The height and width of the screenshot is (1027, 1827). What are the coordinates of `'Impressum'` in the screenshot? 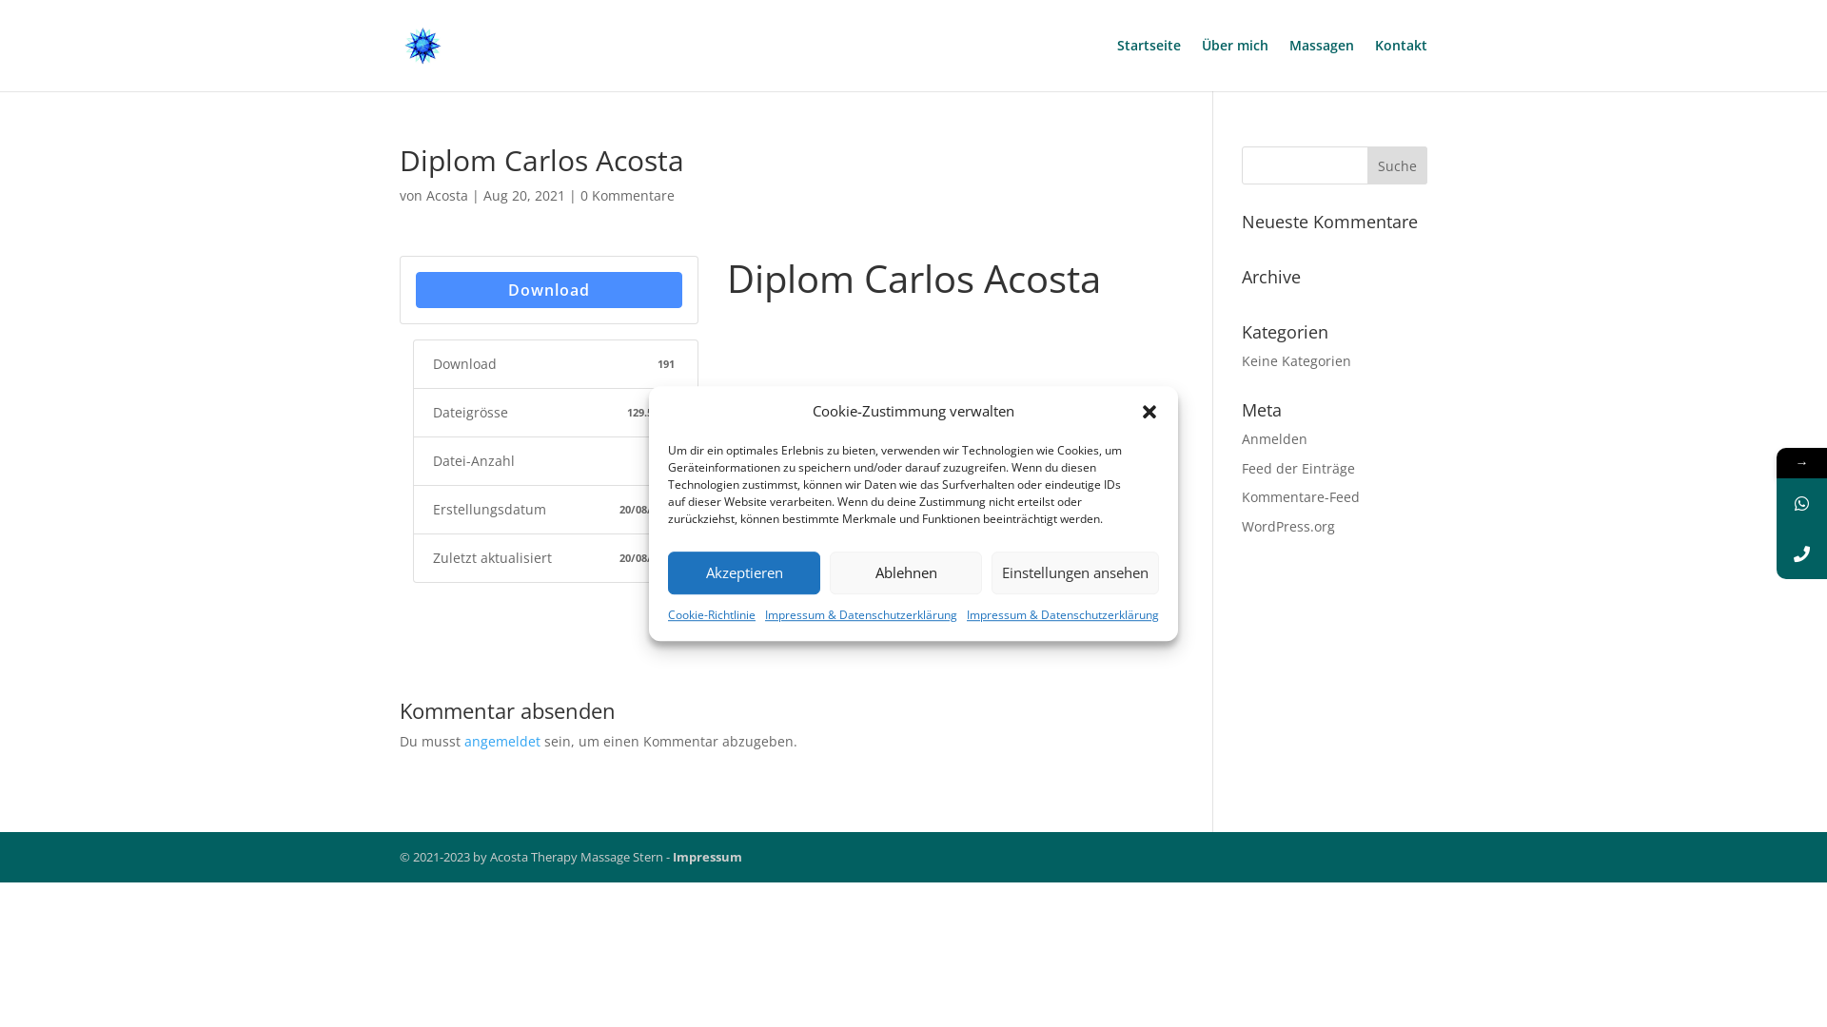 It's located at (706, 857).